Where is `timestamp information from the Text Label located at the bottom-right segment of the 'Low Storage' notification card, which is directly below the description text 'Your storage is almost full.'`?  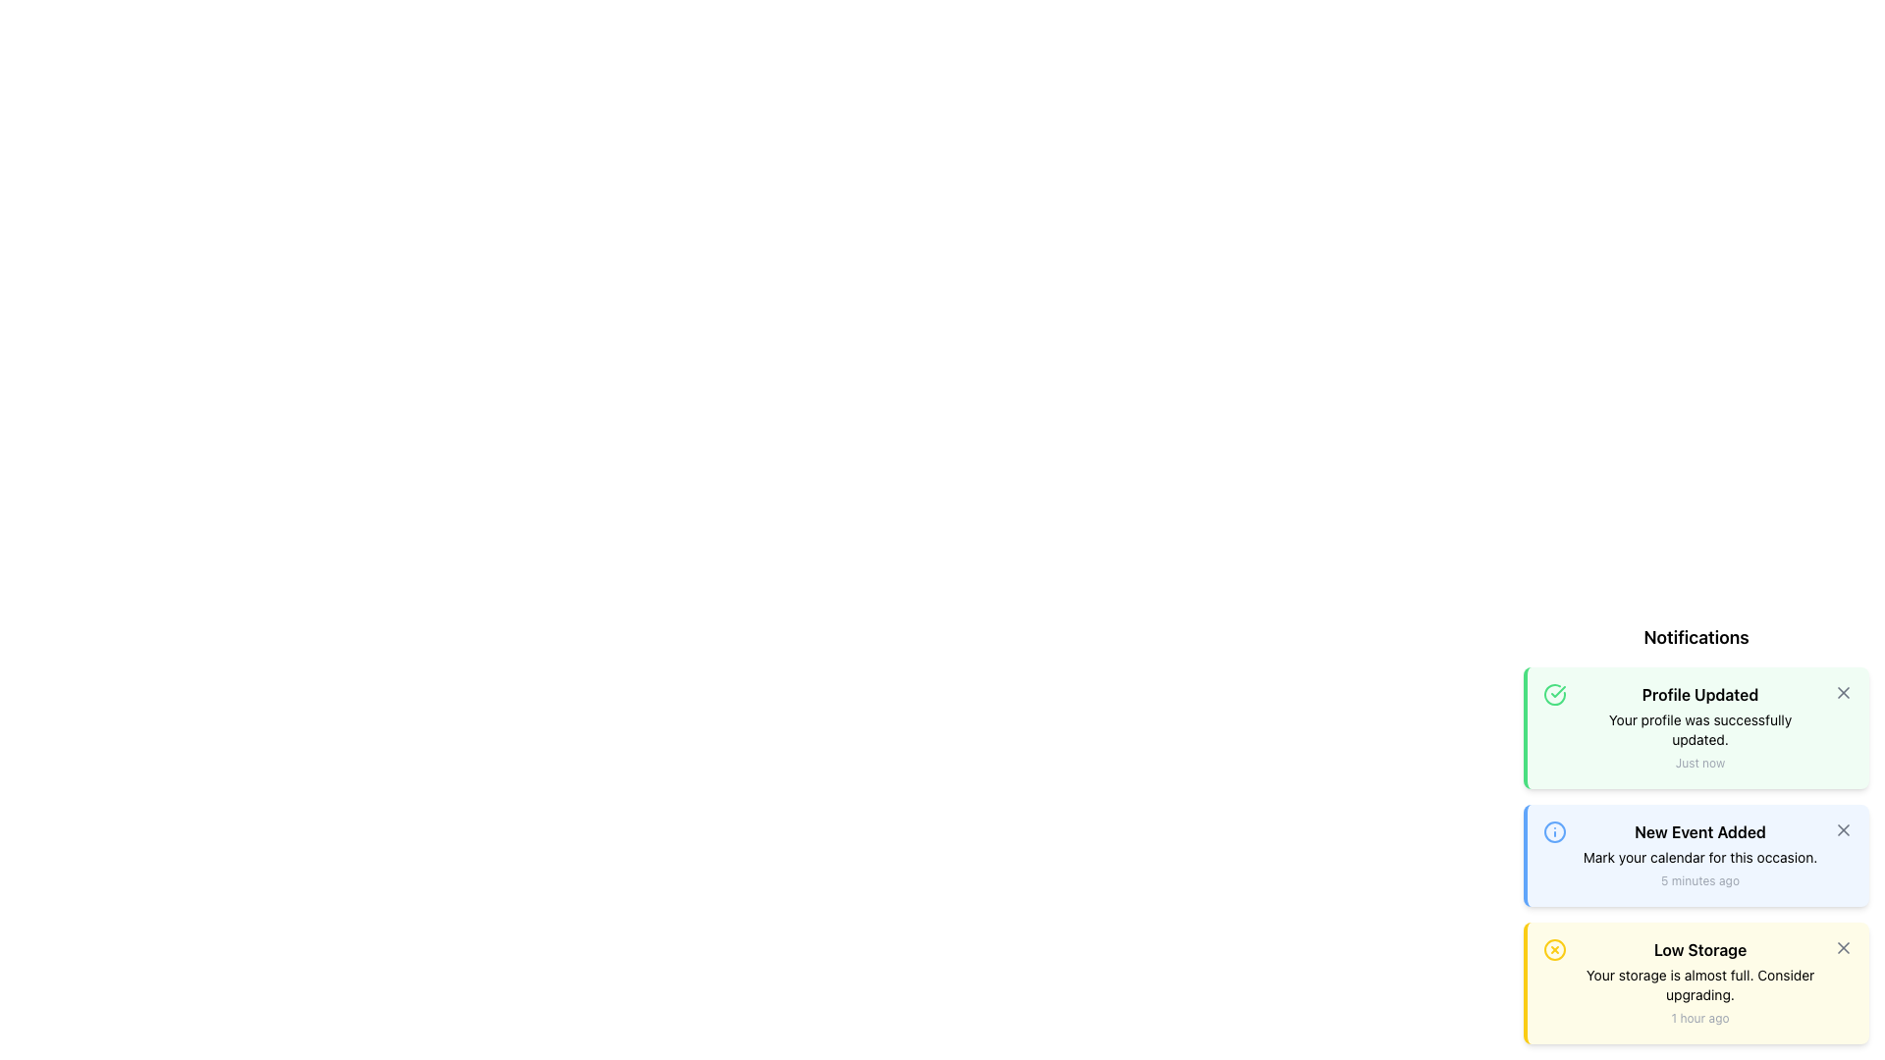 timestamp information from the Text Label located at the bottom-right segment of the 'Low Storage' notification card, which is directly below the description text 'Your storage is almost full.' is located at coordinates (1699, 1017).